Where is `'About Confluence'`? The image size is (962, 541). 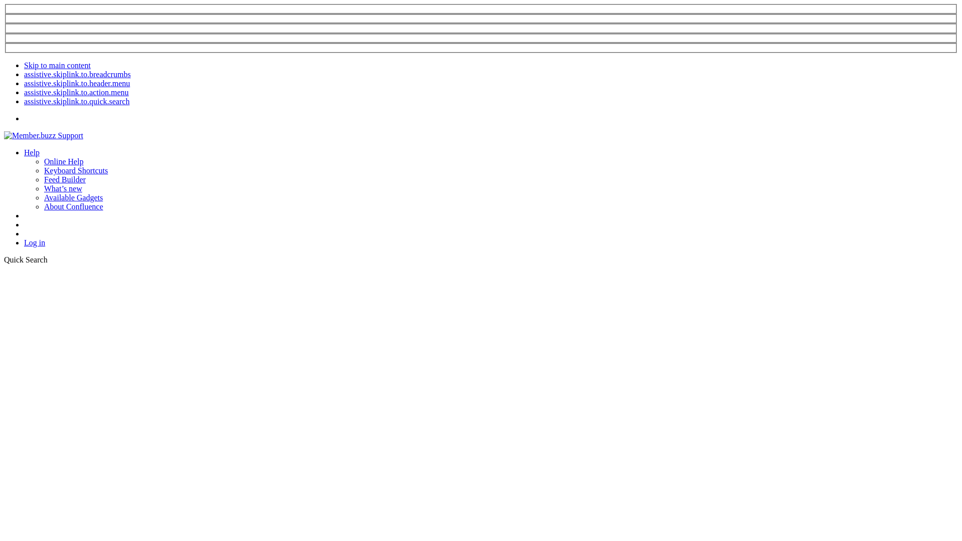 'About Confluence' is located at coordinates (73, 206).